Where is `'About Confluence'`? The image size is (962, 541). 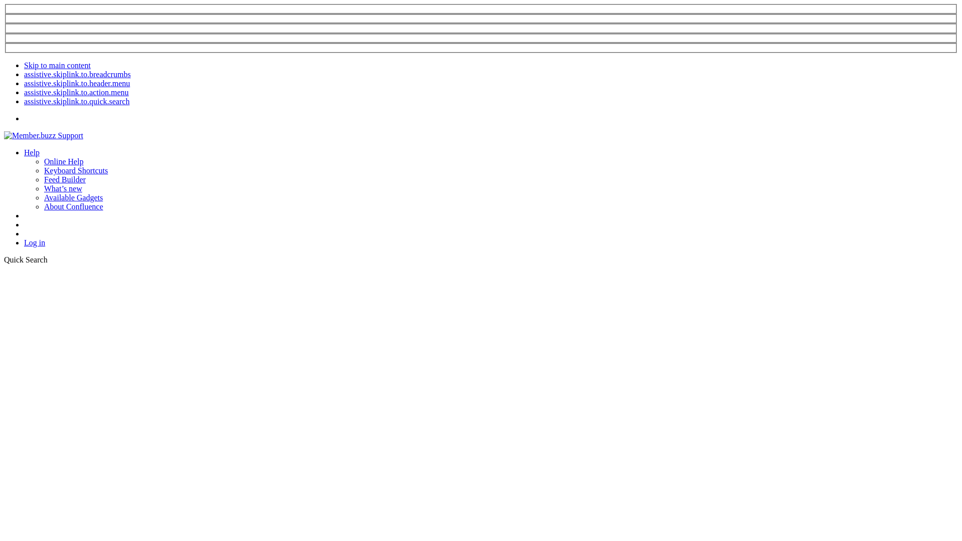 'About Confluence' is located at coordinates (73, 206).